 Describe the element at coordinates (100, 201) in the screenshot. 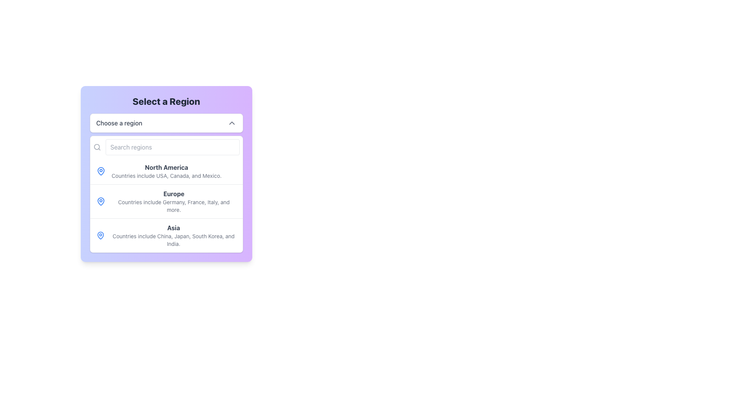

I see `the location marker icon associated with the 'Europe' list item in the region selection dropdown interface` at that location.